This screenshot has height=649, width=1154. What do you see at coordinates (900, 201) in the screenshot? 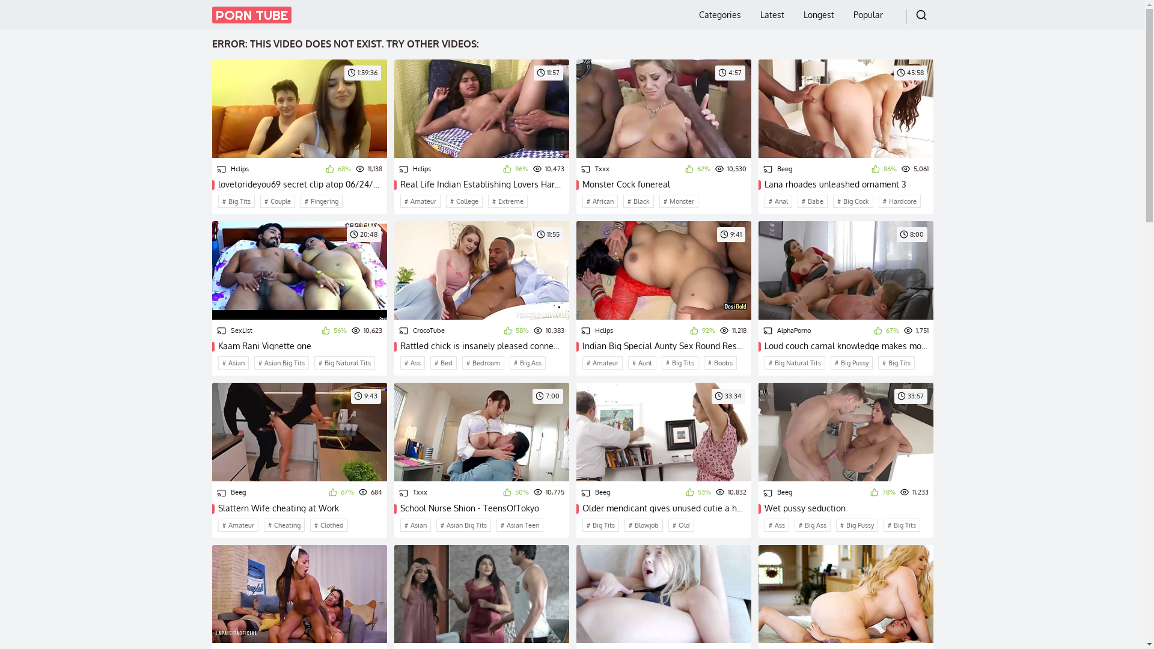
I see `'Hardcore'` at bounding box center [900, 201].